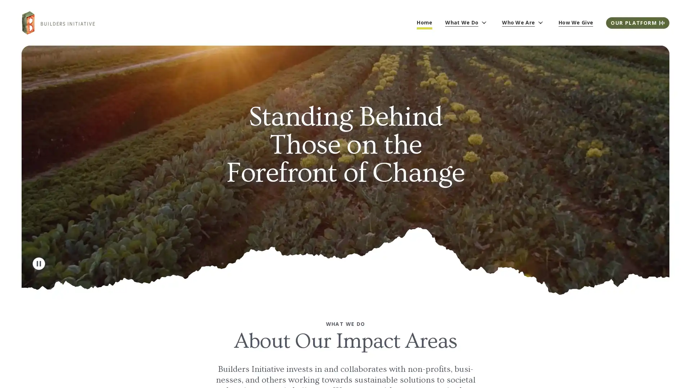 The width and height of the screenshot is (691, 388). I want to click on Pause Video, so click(39, 263).